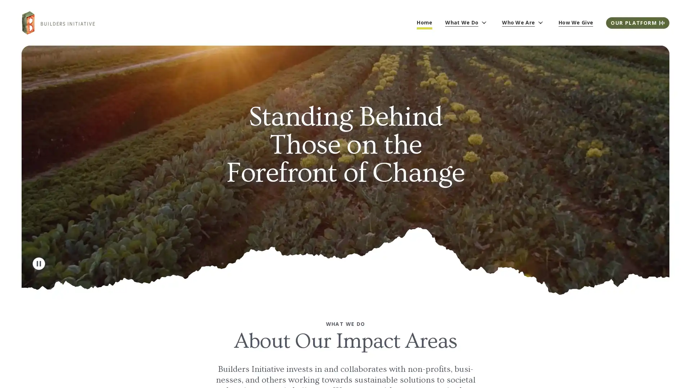 The width and height of the screenshot is (691, 388). I want to click on Pause Video, so click(39, 263).